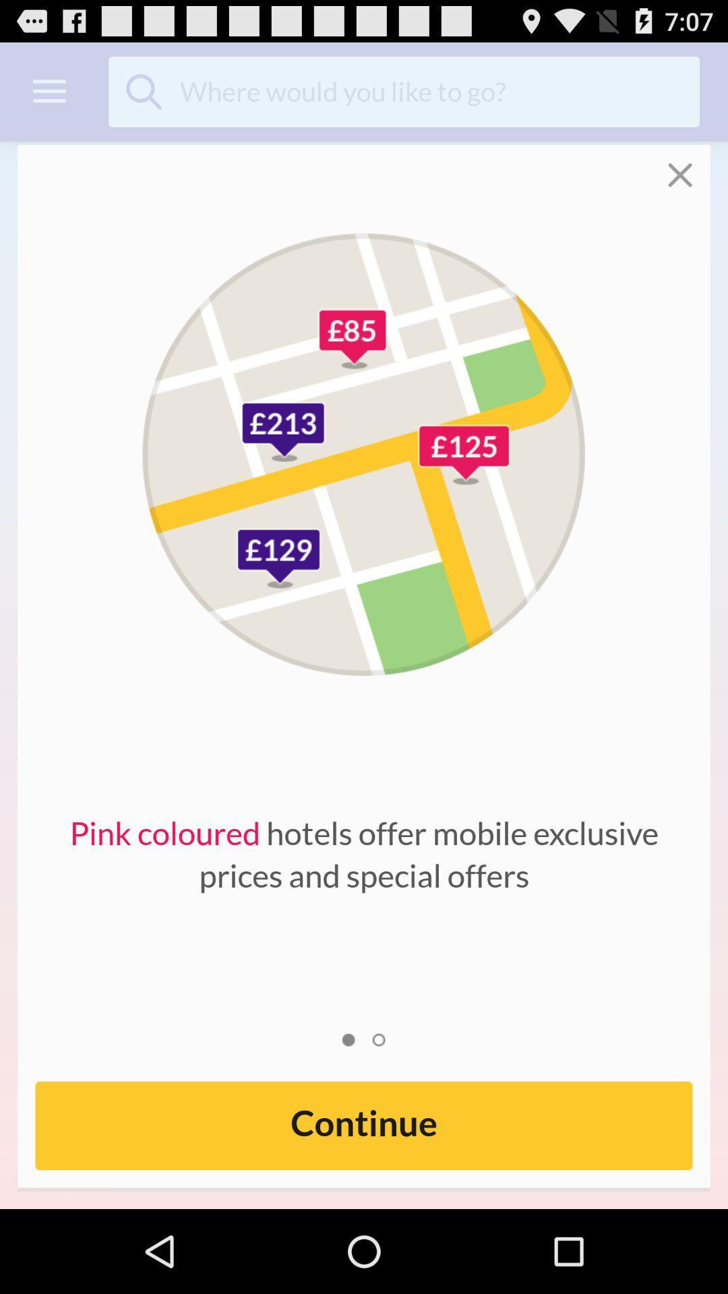 This screenshot has height=1294, width=728. Describe the element at coordinates (689, 177) in the screenshot. I see `the close icon` at that location.